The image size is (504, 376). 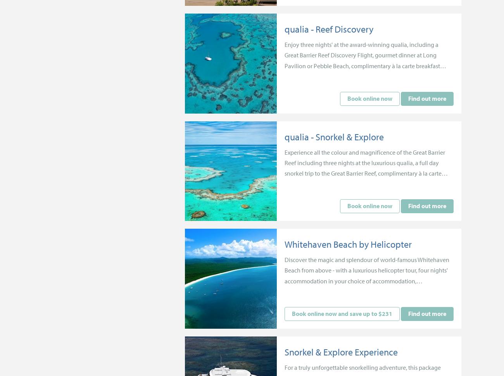 I want to click on 'Discover the magic and splendour of world-famous Whitehaven Beach from above - with a luxurious helicopter tour, four nights' accommodation in your choice of accommodation, complimentary breakfast and more.', so click(x=284, y=275).